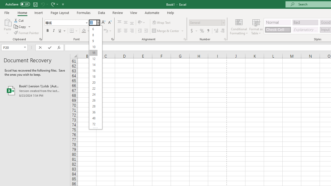 The image size is (331, 186). I want to click on 'Increase Decimal', so click(216, 31).